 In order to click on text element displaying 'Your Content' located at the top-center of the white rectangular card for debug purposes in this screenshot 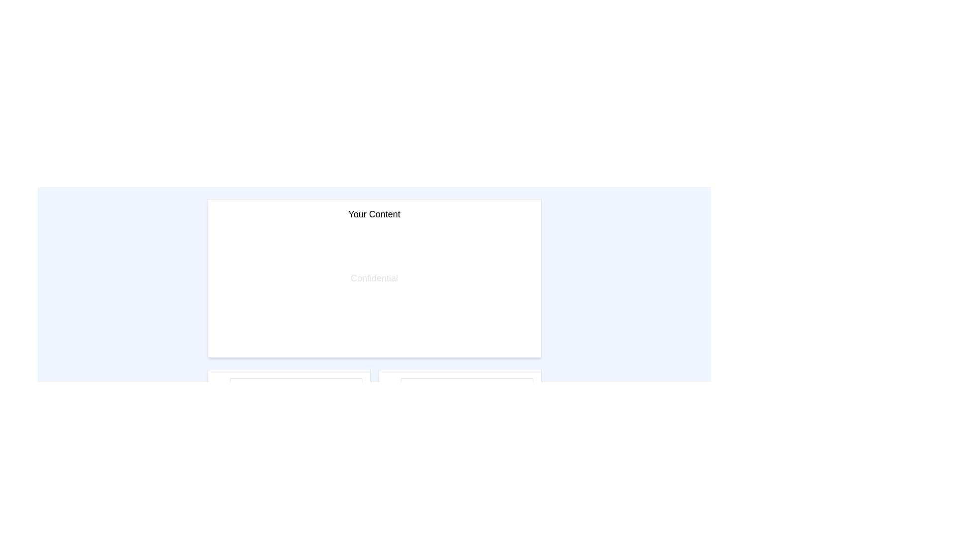, I will do `click(374, 214)`.